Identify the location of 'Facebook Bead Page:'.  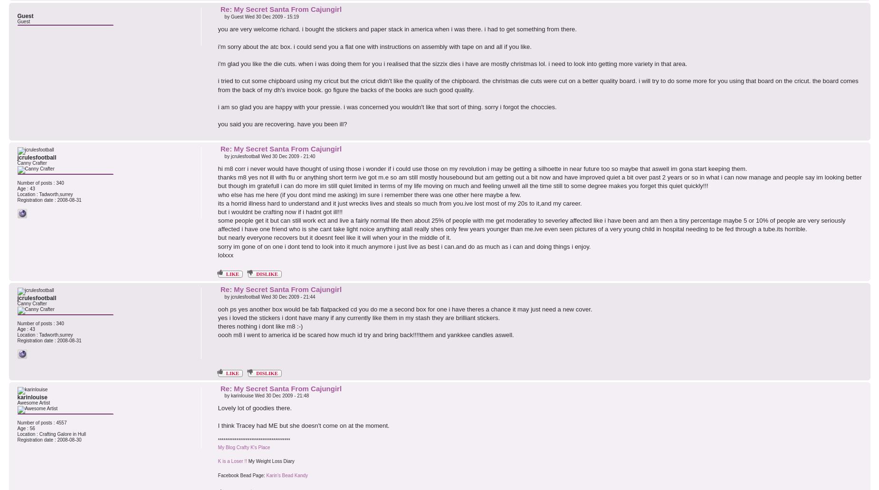
(241, 474).